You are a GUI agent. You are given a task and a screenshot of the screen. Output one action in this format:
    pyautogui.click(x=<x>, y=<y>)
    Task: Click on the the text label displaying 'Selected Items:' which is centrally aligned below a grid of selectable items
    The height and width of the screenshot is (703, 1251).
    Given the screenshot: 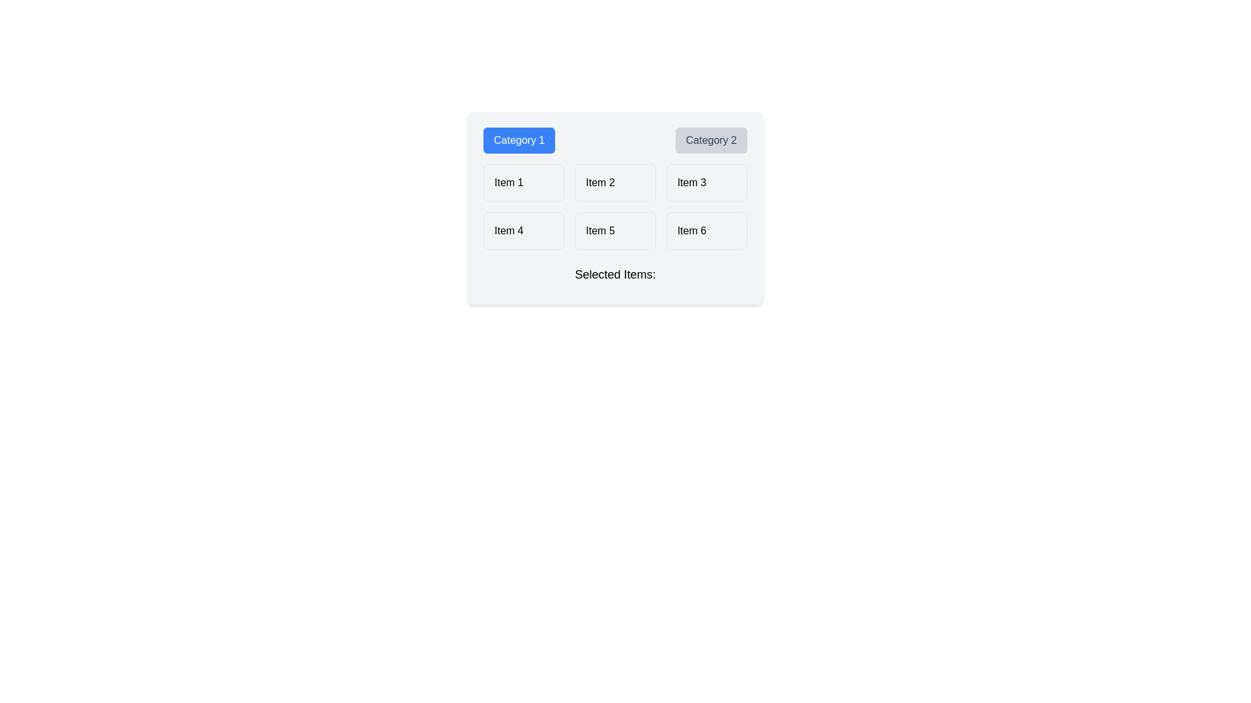 What is the action you would take?
    pyautogui.click(x=614, y=273)
    